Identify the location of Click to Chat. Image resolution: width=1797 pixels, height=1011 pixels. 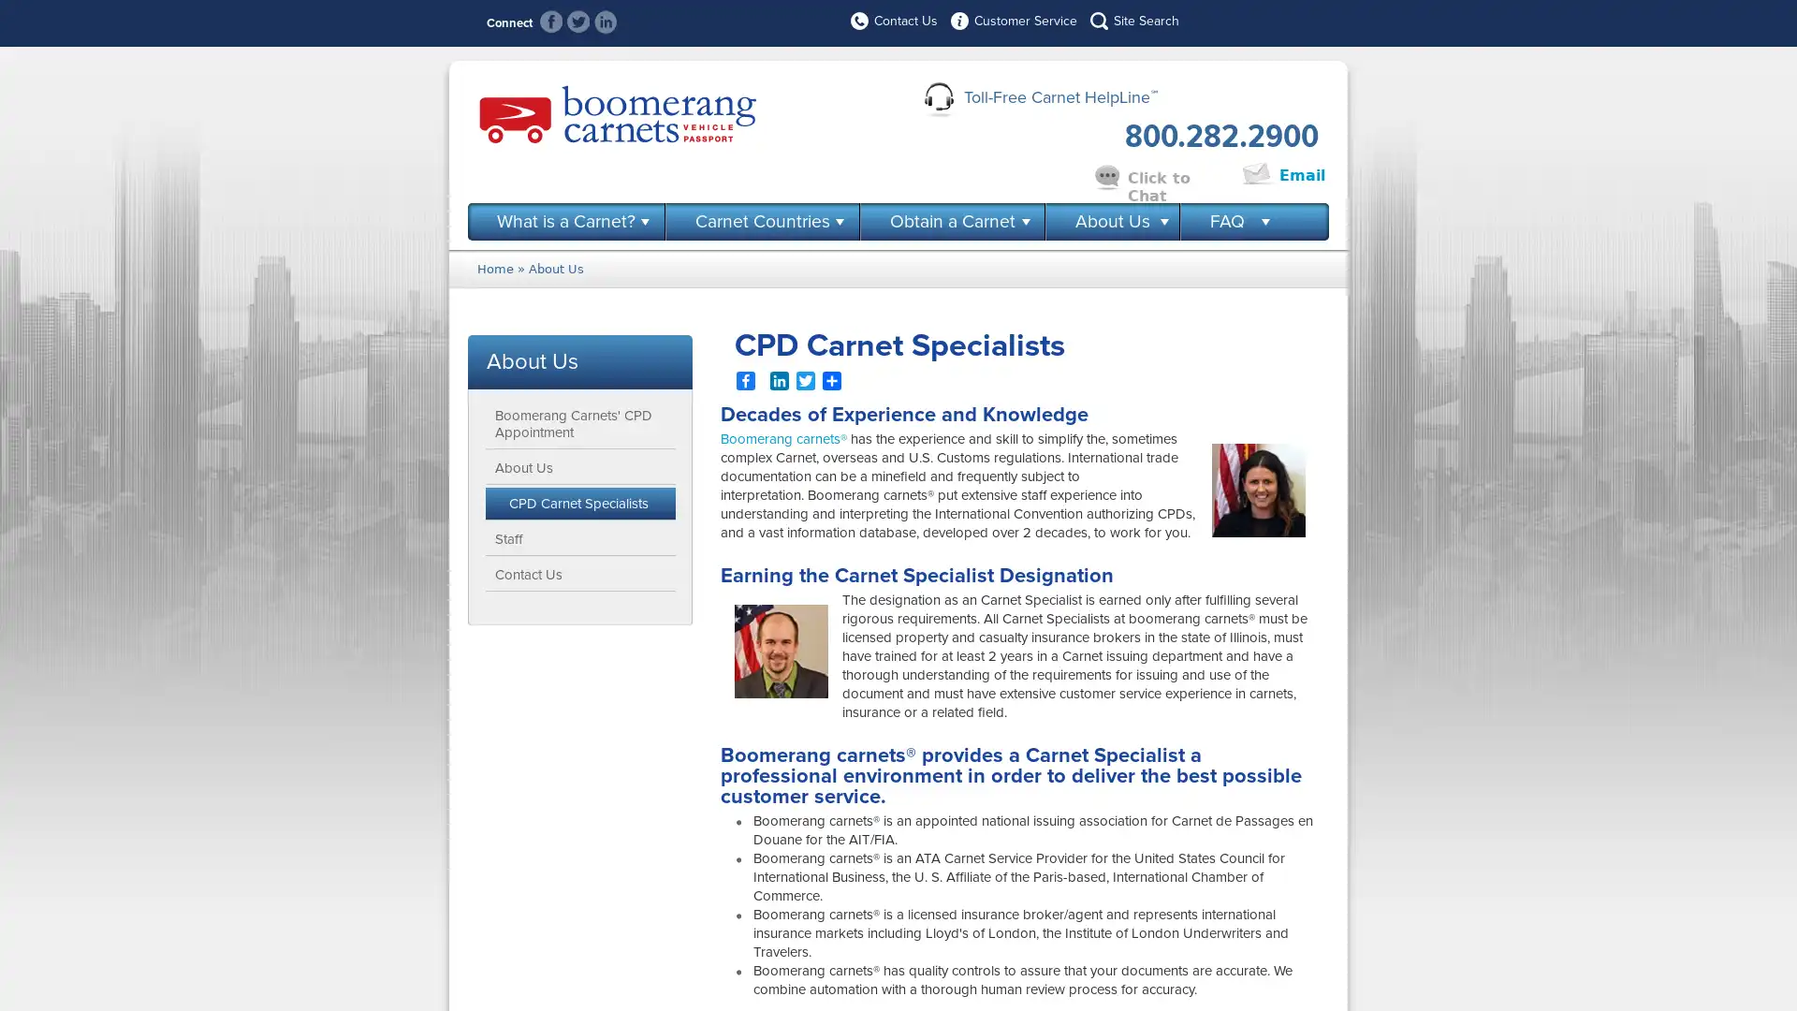
(1176, 176).